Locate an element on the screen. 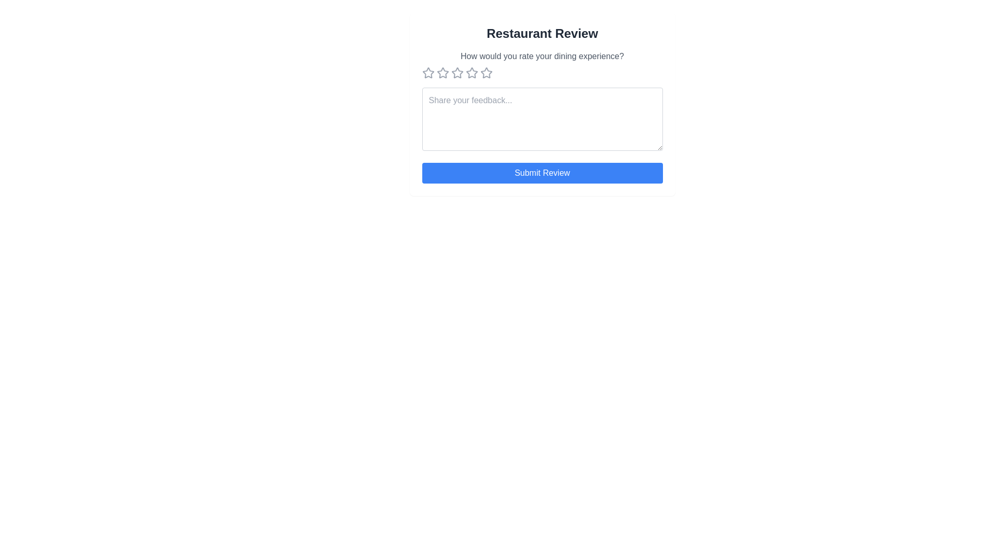 Image resolution: width=996 pixels, height=560 pixels. the star button corresponding to 4 stars is located at coordinates (471, 73).